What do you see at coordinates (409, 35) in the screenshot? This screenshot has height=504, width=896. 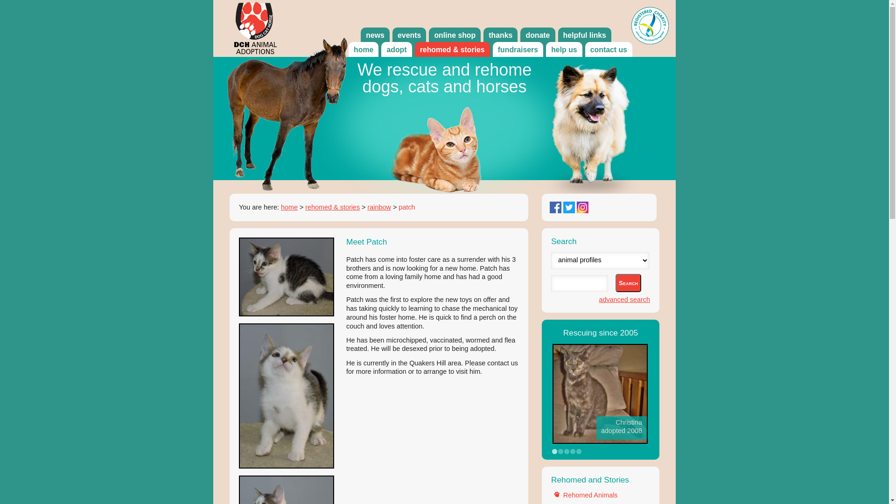 I see `'events'` at bounding box center [409, 35].